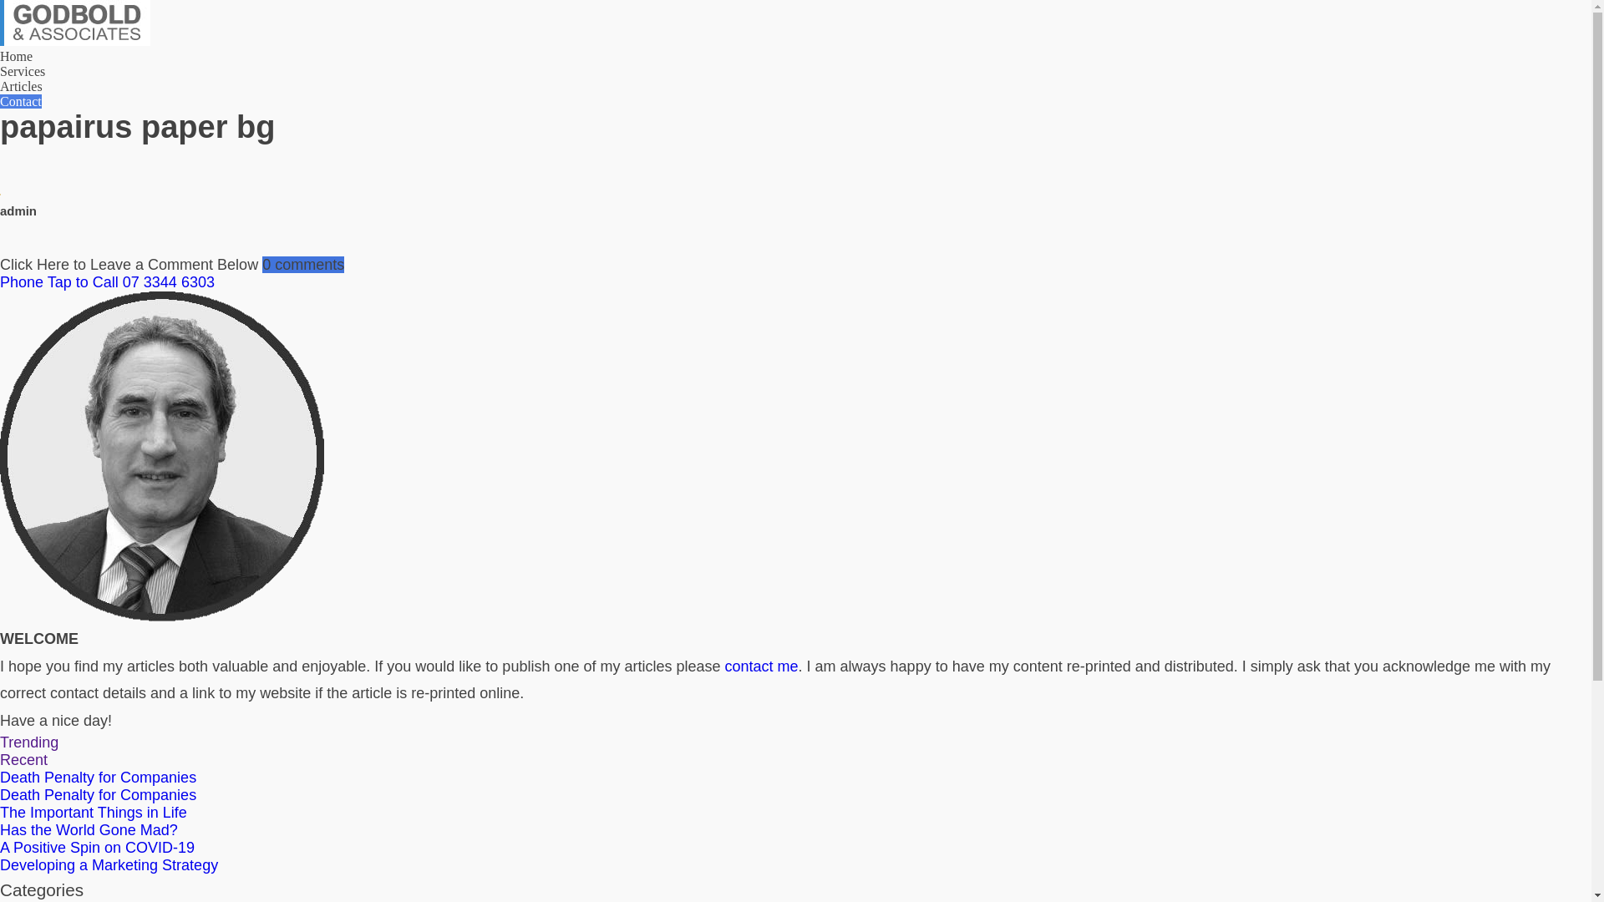  Describe the element at coordinates (761, 666) in the screenshot. I see `'contact me'` at that location.